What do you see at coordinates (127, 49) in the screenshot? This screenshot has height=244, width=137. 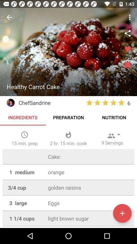 I see `like of the image` at bounding box center [127, 49].